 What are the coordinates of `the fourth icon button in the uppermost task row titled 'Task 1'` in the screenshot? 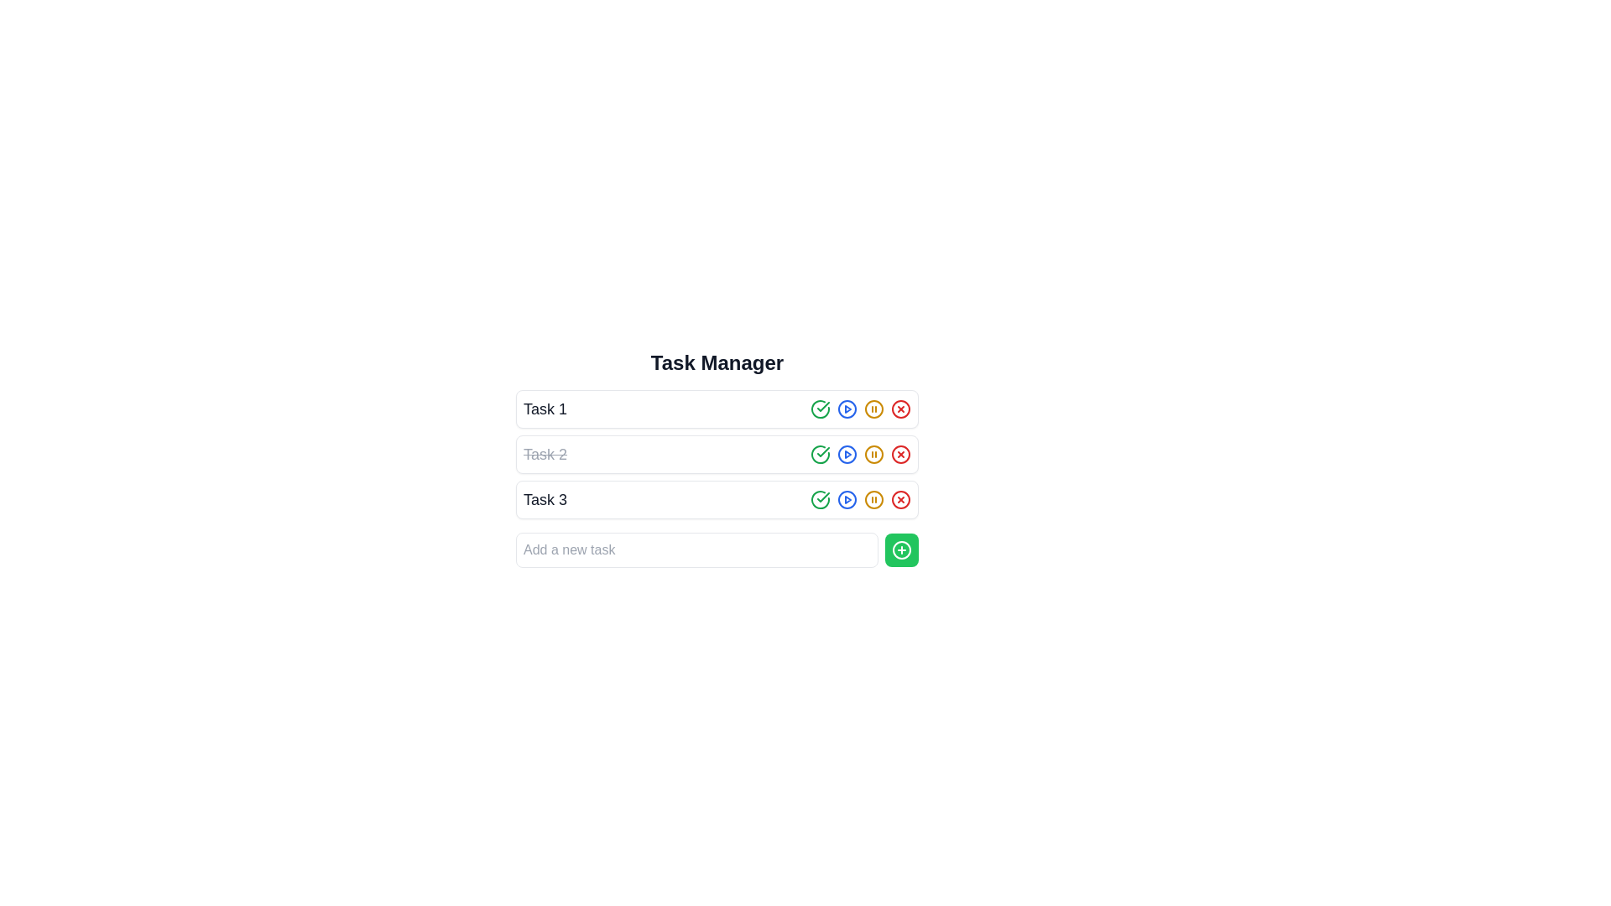 It's located at (861, 409).